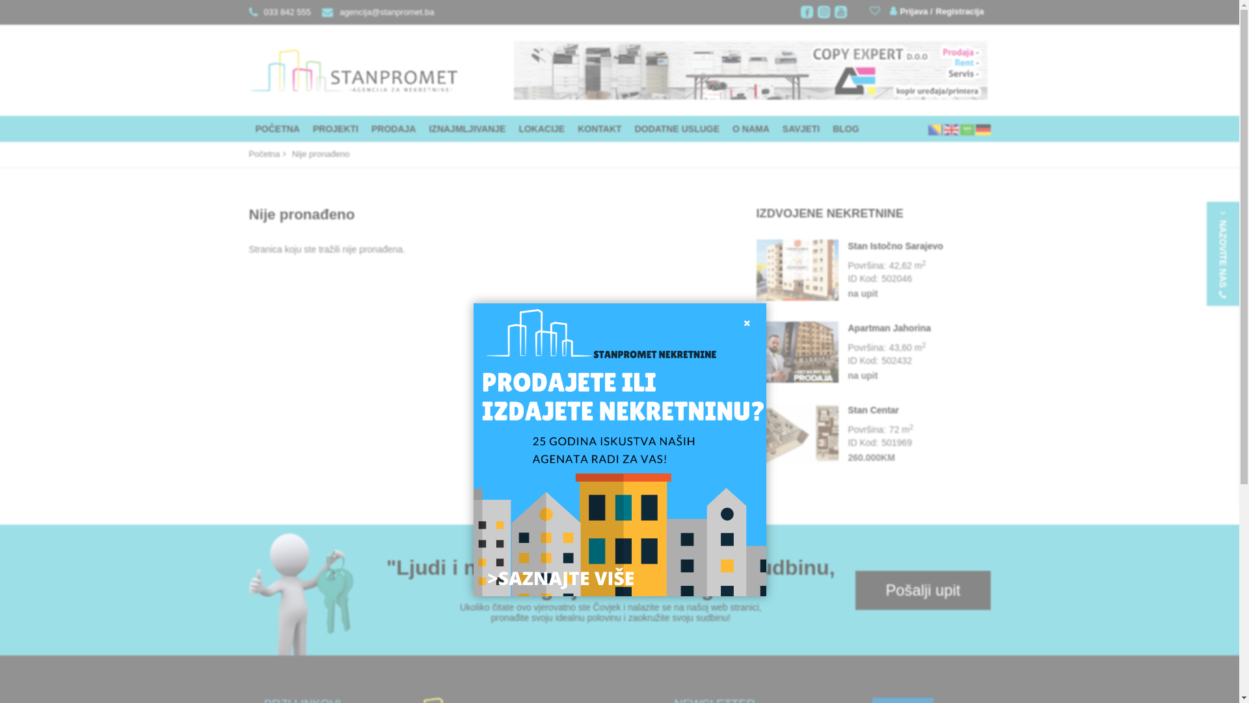 The image size is (1249, 703). I want to click on 'agencija@stanpromet.ba', so click(374, 12).